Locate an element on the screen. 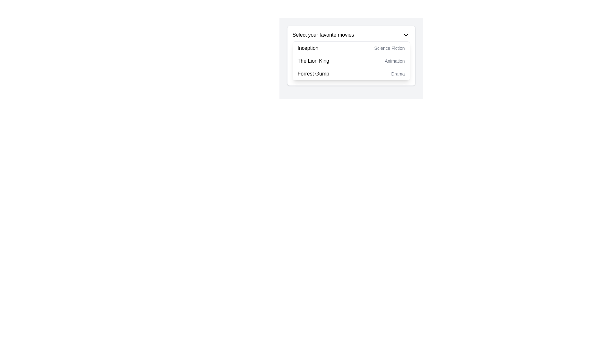 The height and width of the screenshot is (347, 616). text label that guides the user in selecting their favorite movies from the dropdown menu, positioned at the top-left corner of the dropdown layout is located at coordinates (323, 35).